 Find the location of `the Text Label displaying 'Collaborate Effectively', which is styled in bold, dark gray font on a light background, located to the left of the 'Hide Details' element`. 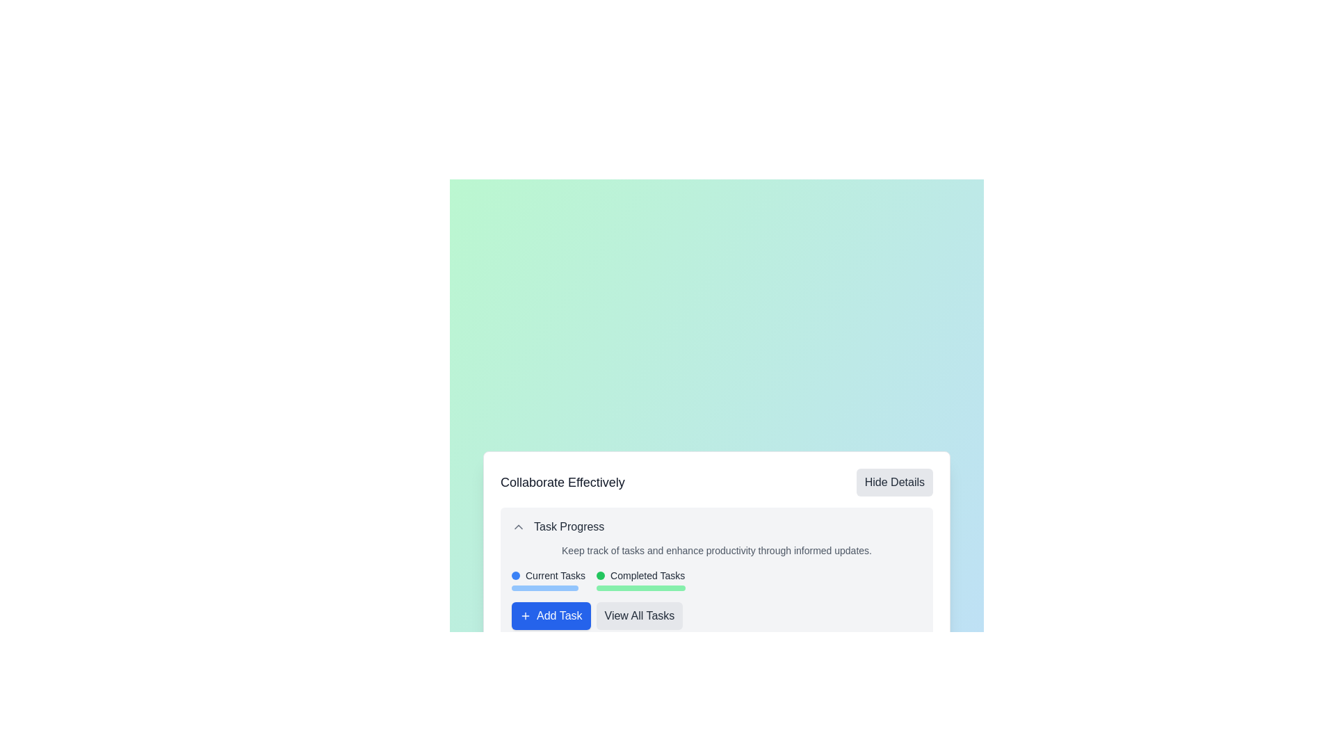

the Text Label displaying 'Collaborate Effectively', which is styled in bold, dark gray font on a light background, located to the left of the 'Hide Details' element is located at coordinates (563, 482).